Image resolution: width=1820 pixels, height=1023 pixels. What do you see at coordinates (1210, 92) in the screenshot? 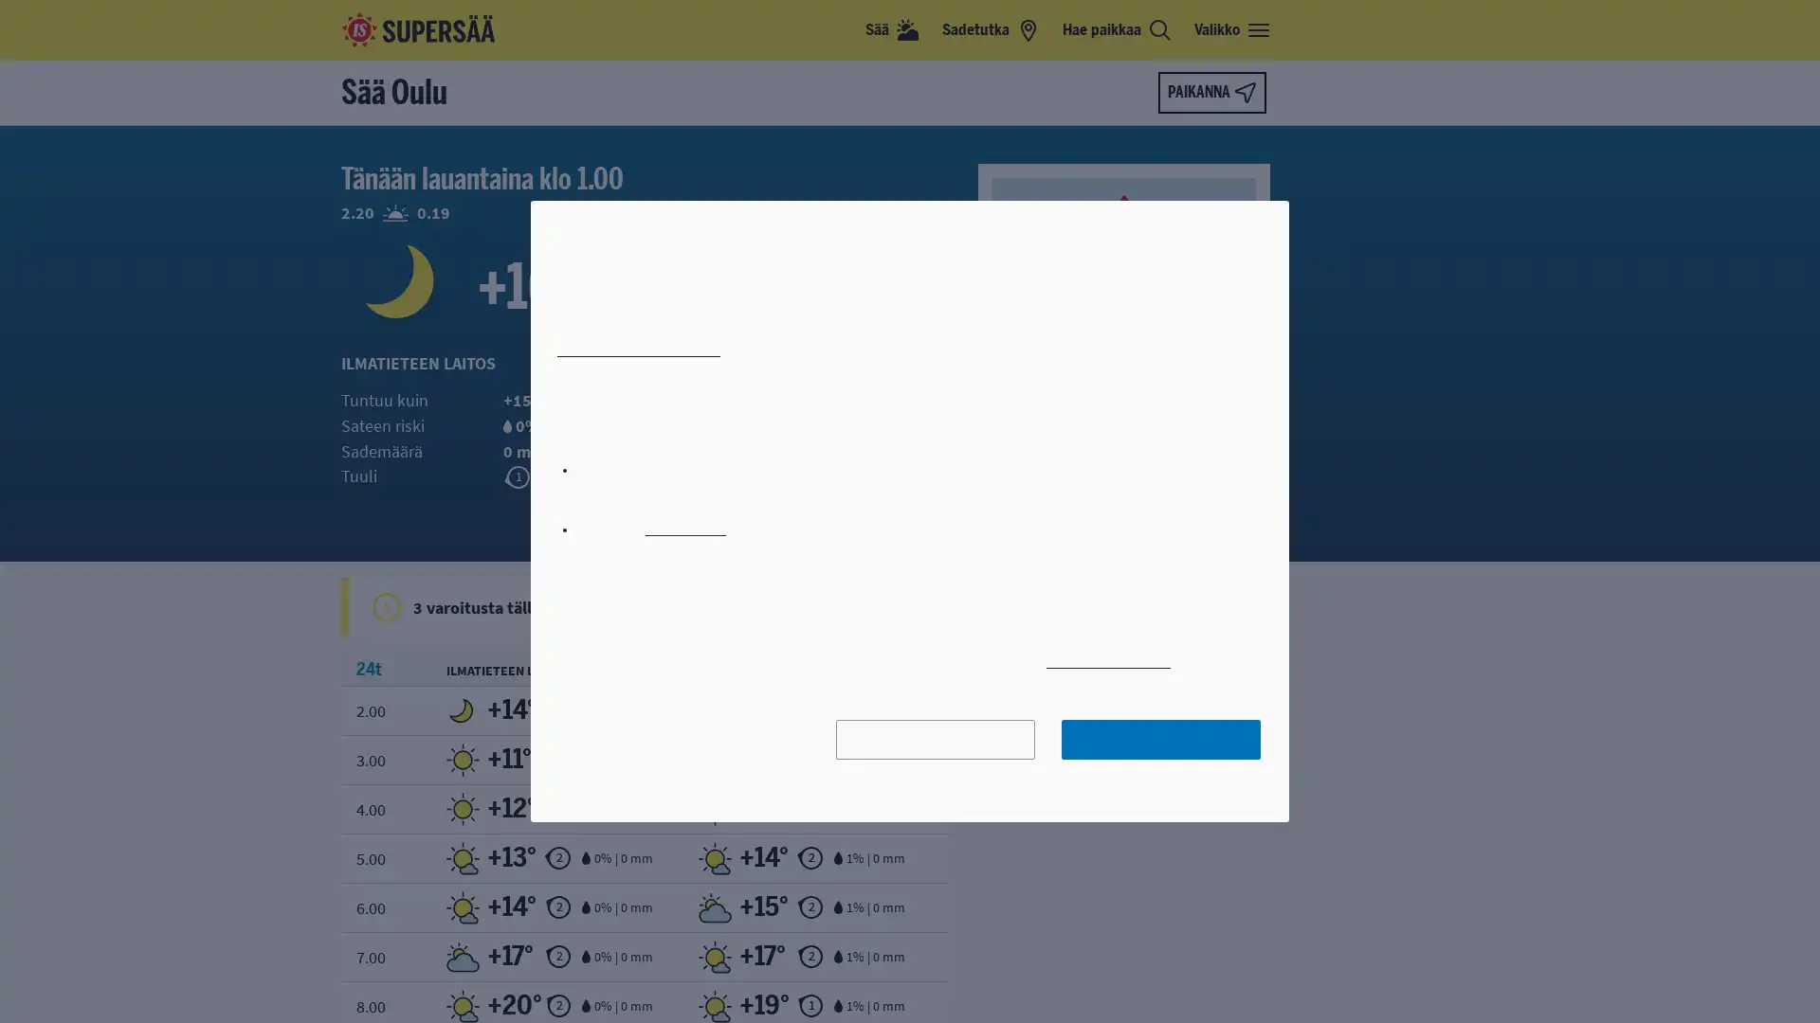
I see `Paikanna minut` at bounding box center [1210, 92].